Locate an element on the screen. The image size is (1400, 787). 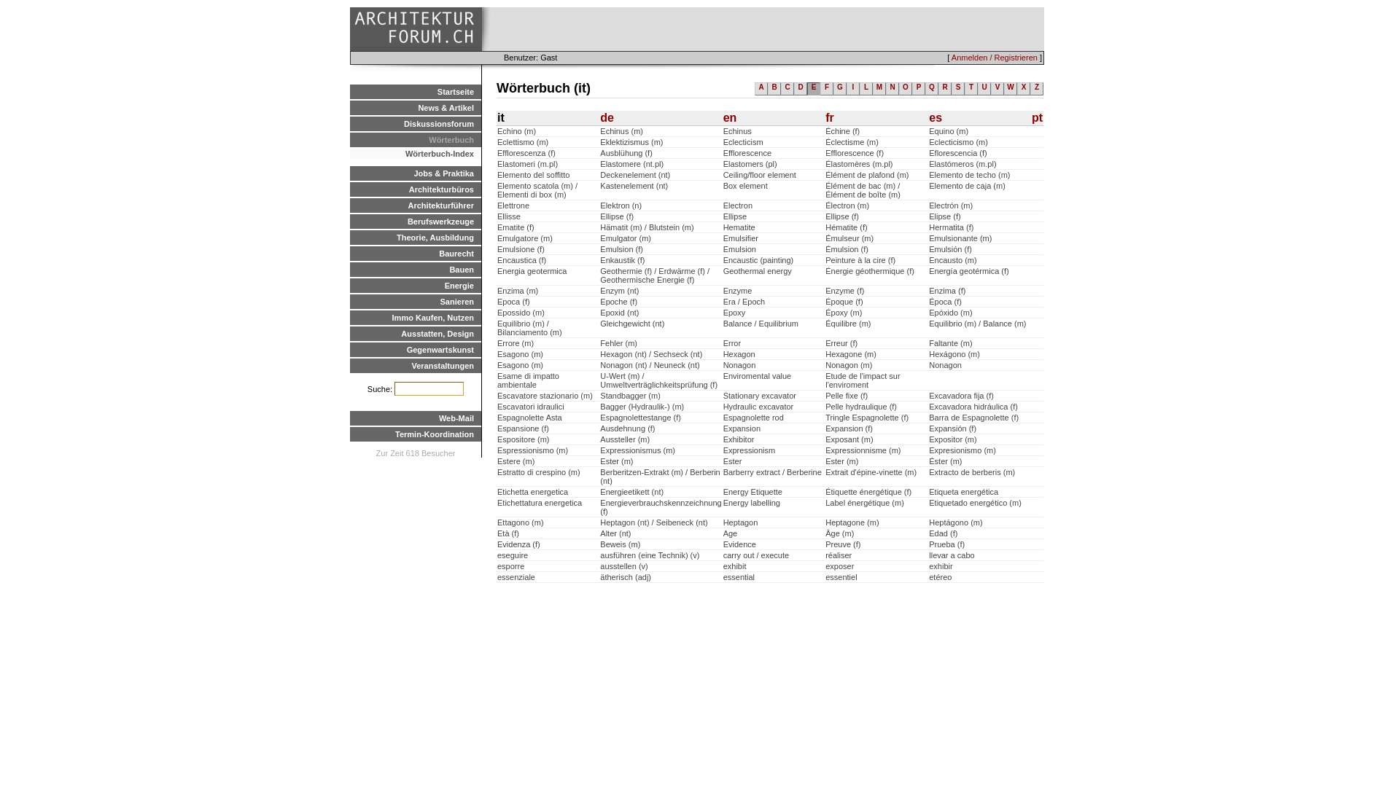
'A' is located at coordinates (760, 89).